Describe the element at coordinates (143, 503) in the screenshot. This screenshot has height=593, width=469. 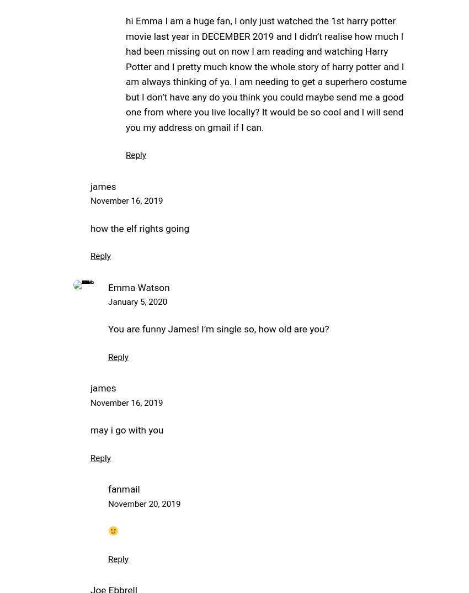
I see `'November 20, 2019'` at that location.